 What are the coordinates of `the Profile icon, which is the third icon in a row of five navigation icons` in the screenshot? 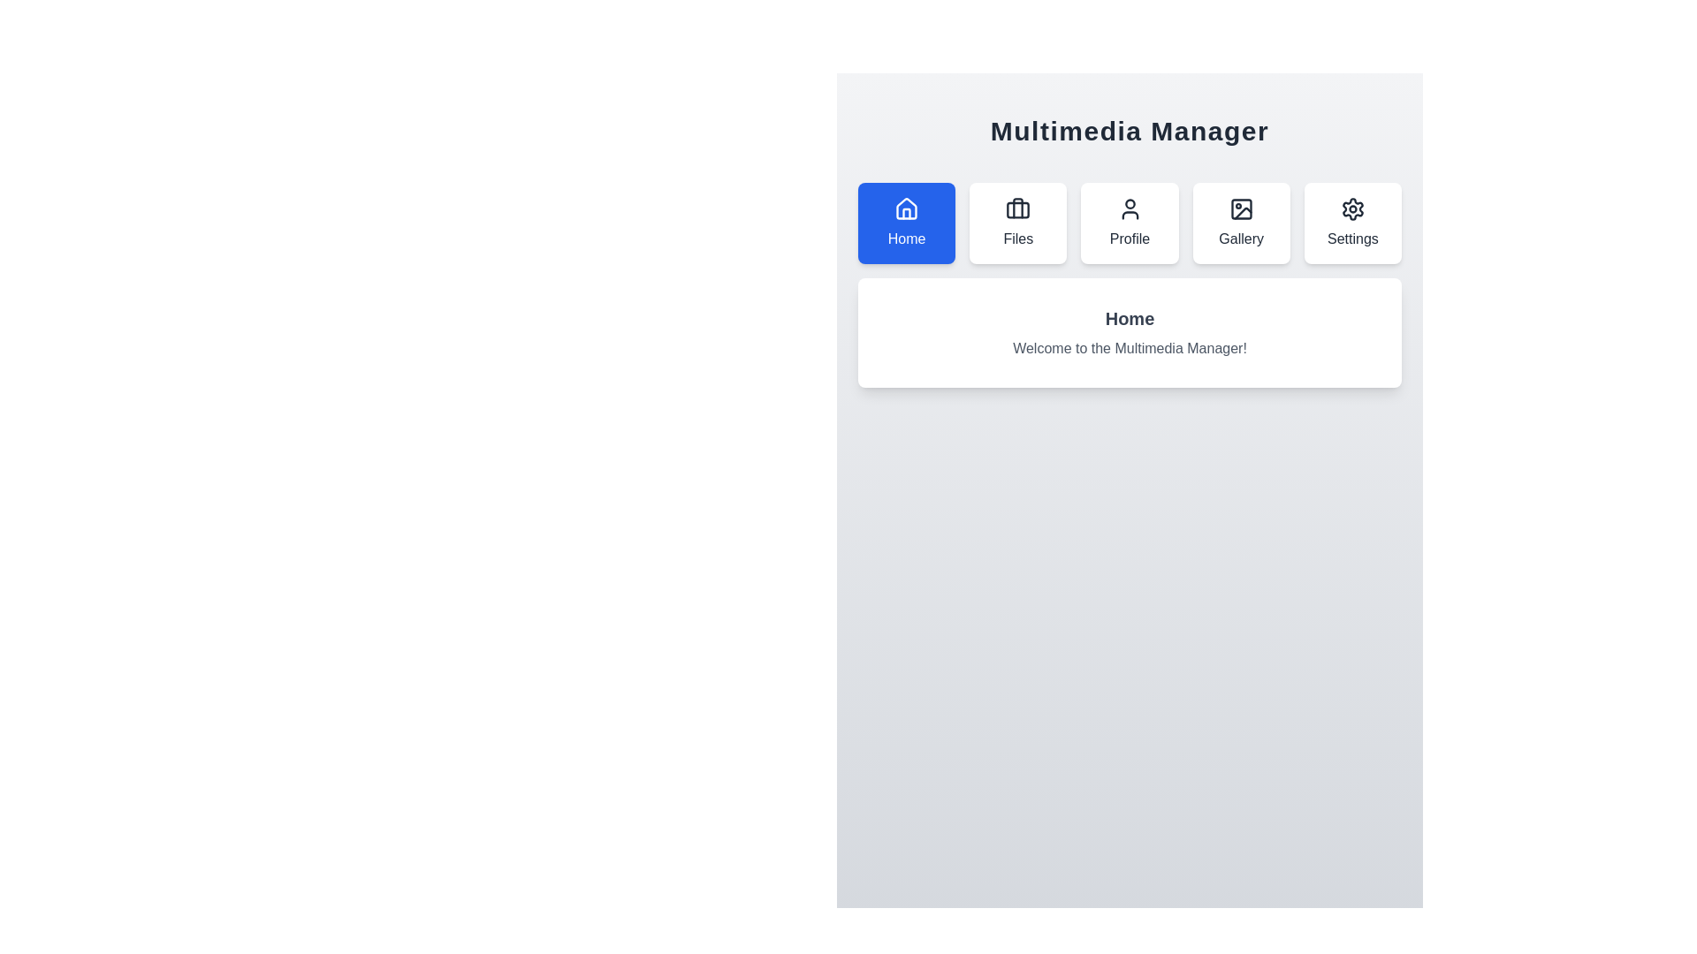 It's located at (1129, 208).